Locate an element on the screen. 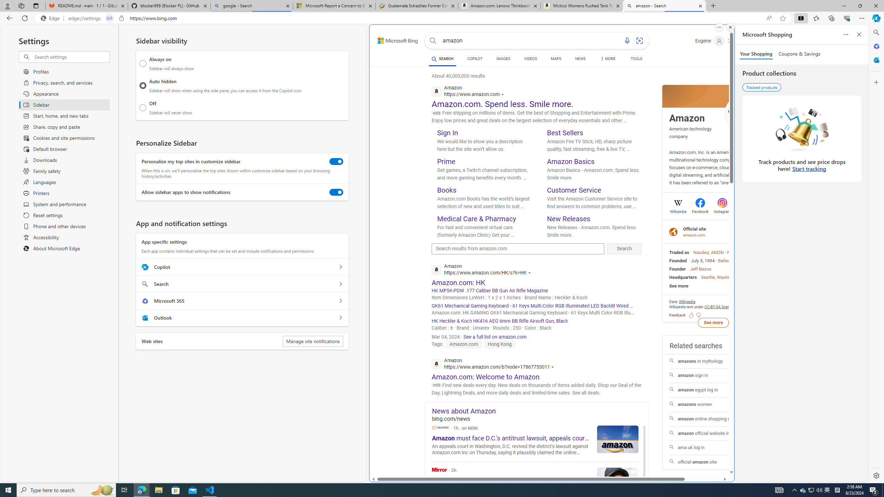 The height and width of the screenshot is (497, 884). 'Wikipedia' is located at coordinates (678, 211).